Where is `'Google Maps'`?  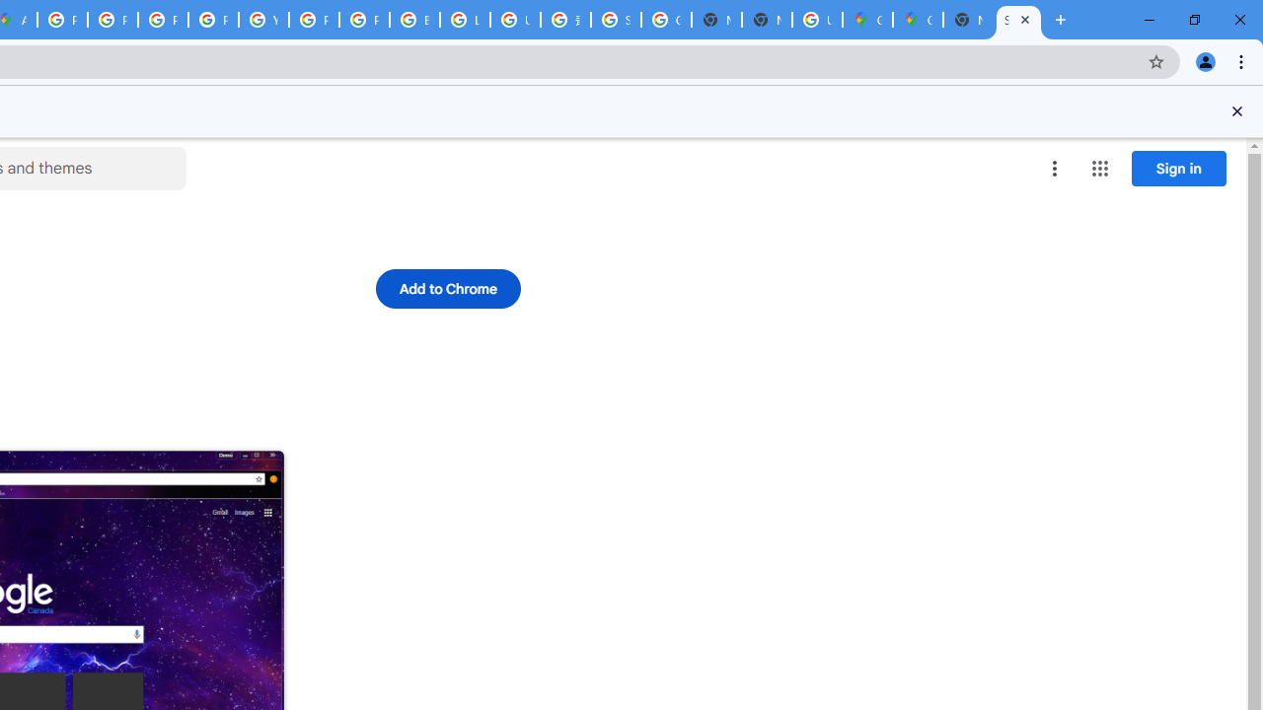 'Google Maps' is located at coordinates (867, 20).